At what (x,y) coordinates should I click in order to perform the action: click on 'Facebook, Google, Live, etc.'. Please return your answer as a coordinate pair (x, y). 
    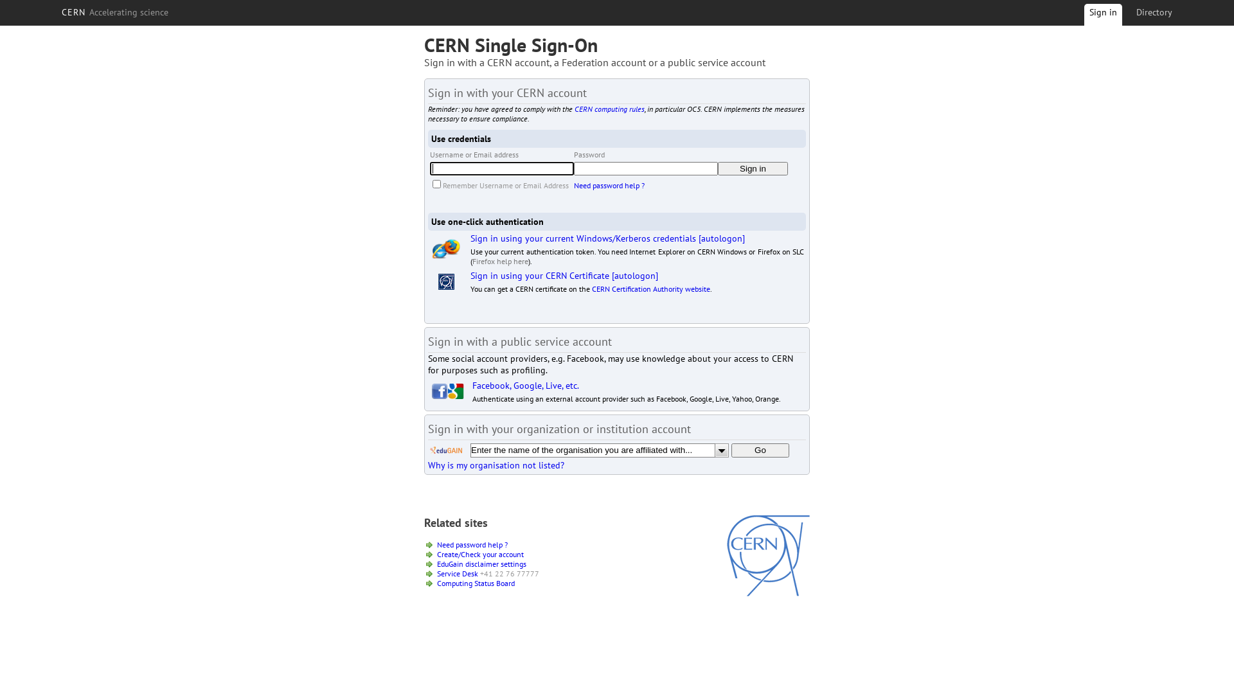
    Looking at the image, I should click on (525, 385).